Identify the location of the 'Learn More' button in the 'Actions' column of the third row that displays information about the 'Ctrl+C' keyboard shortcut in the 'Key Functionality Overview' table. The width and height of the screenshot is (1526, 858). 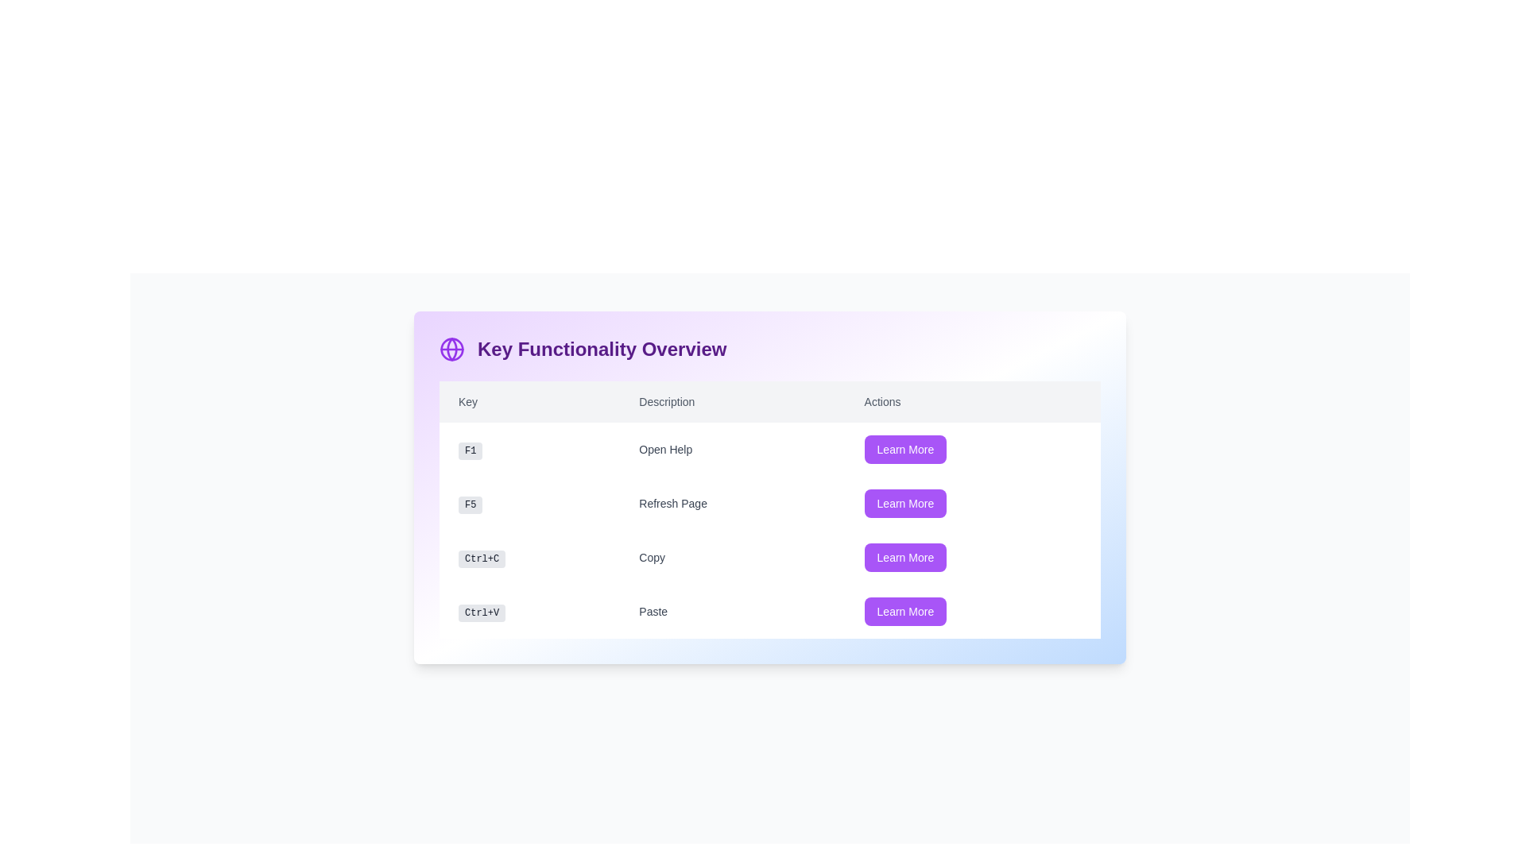
(770, 530).